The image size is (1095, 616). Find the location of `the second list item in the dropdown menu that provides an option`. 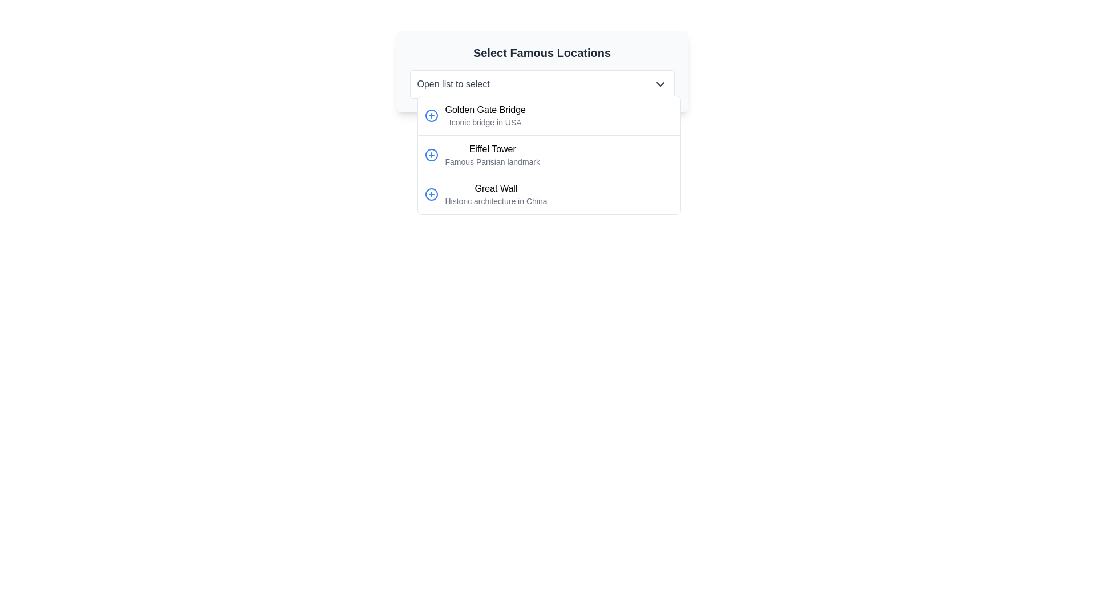

the second list item in the dropdown menu that provides an option is located at coordinates (549, 155).